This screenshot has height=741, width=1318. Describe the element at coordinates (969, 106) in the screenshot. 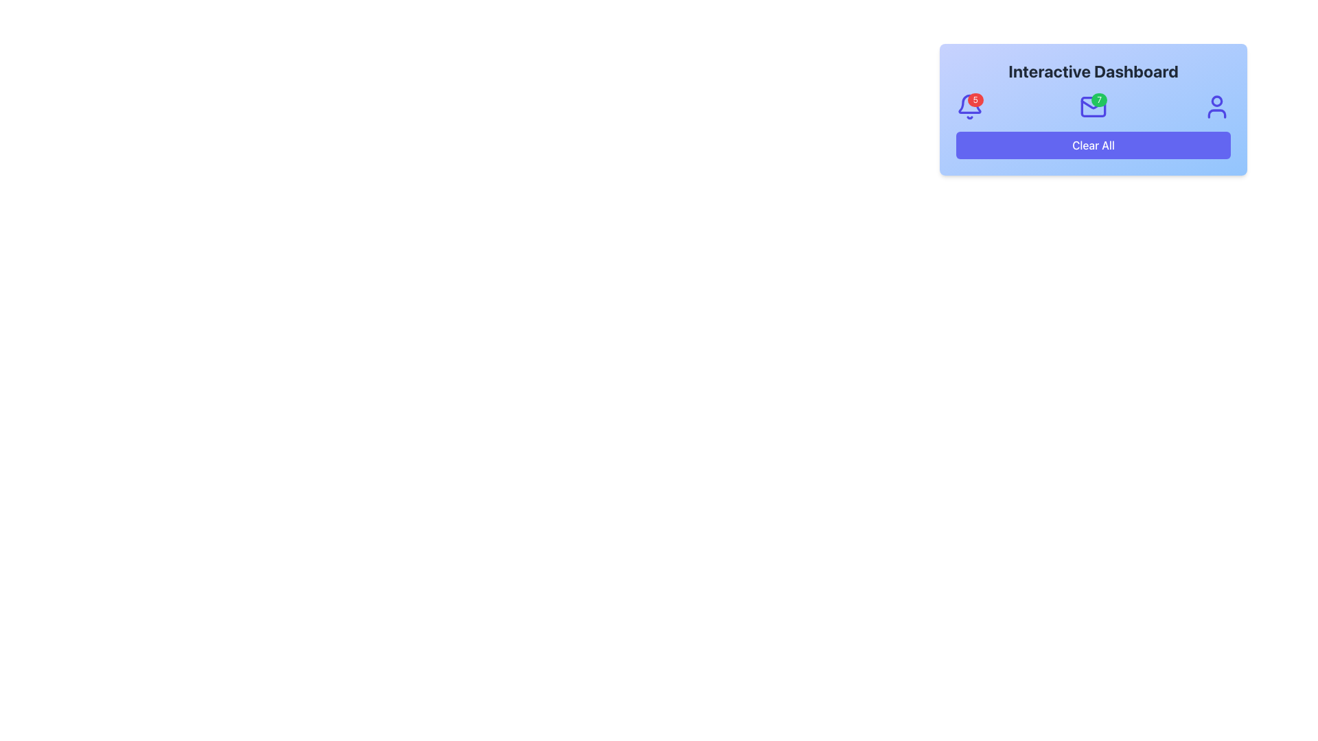

I see `number displayed on the Notification Badge located at the top-right corner of the bell icon in the header section` at that location.